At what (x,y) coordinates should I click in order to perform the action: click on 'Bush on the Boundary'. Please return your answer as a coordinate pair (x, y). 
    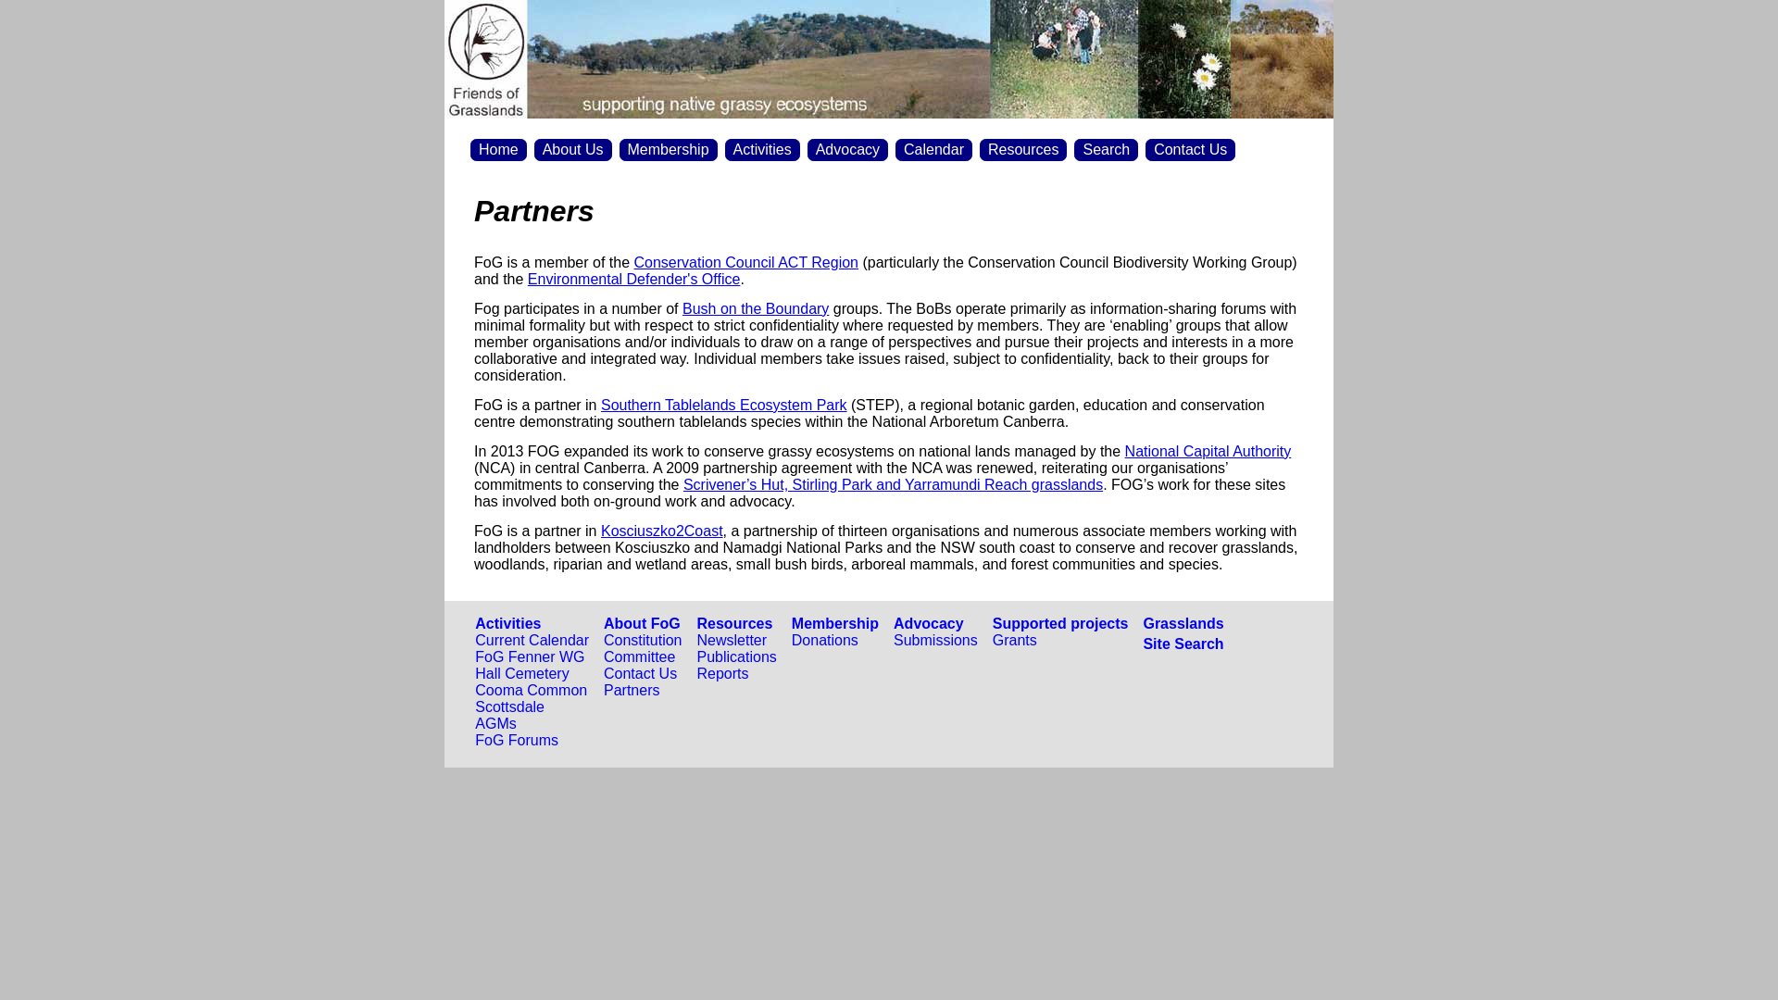
    Looking at the image, I should click on (682, 307).